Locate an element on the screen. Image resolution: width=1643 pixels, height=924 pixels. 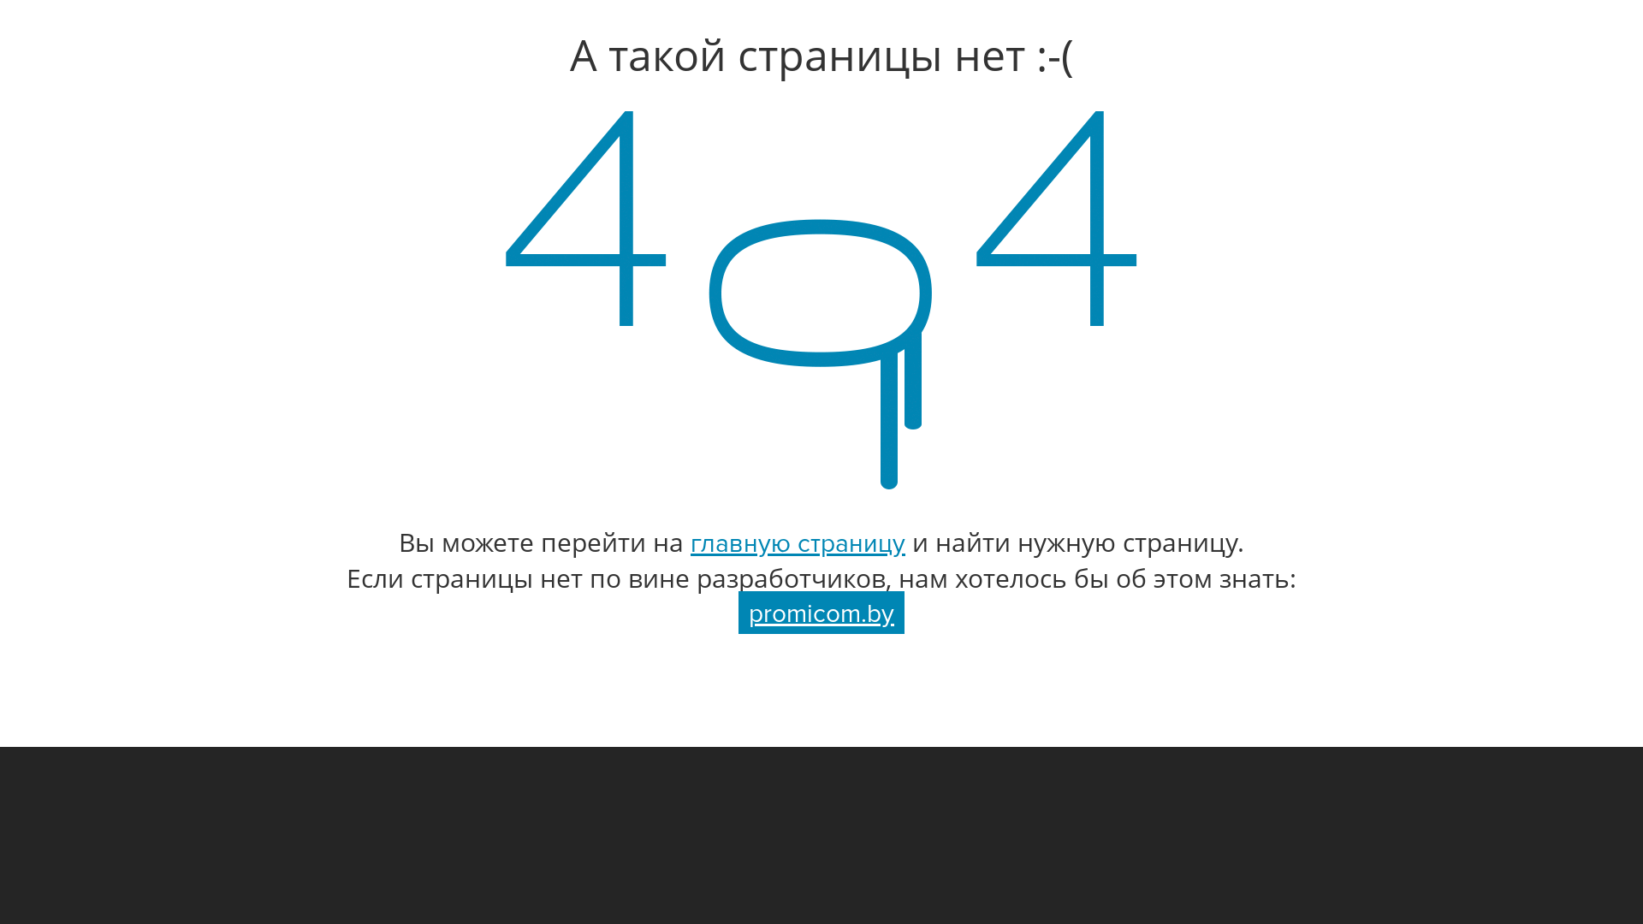
'promicom.by' is located at coordinates (821, 613).